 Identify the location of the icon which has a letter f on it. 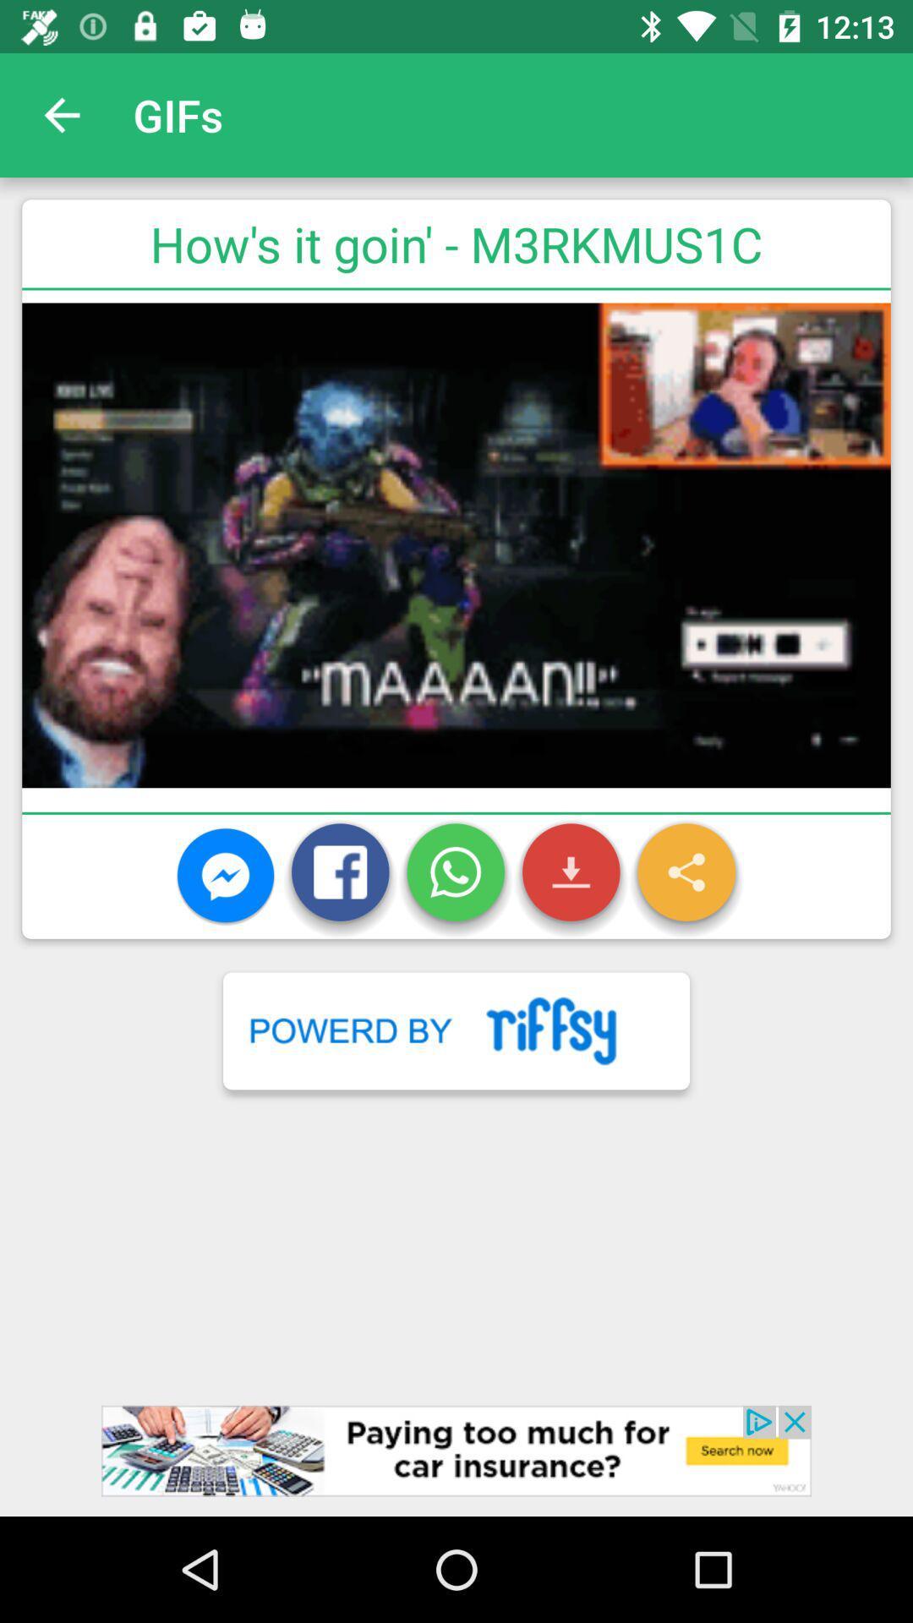
(340, 877).